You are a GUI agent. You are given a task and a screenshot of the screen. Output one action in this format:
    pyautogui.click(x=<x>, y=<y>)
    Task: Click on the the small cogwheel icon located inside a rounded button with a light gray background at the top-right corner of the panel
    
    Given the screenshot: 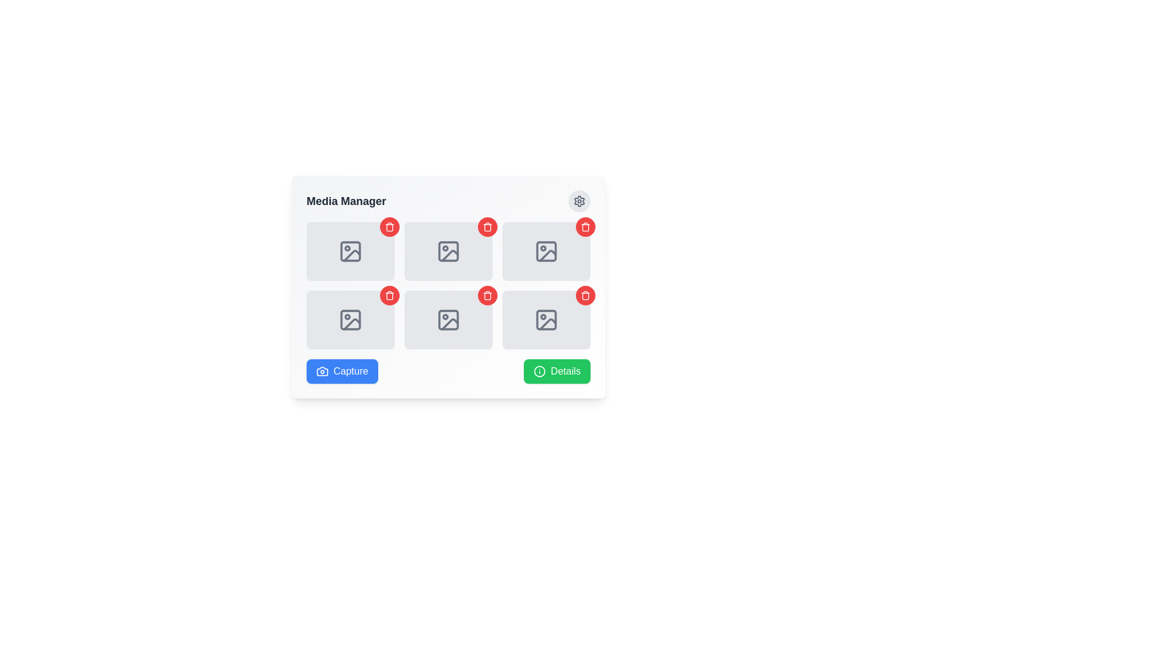 What is the action you would take?
    pyautogui.click(x=578, y=200)
    